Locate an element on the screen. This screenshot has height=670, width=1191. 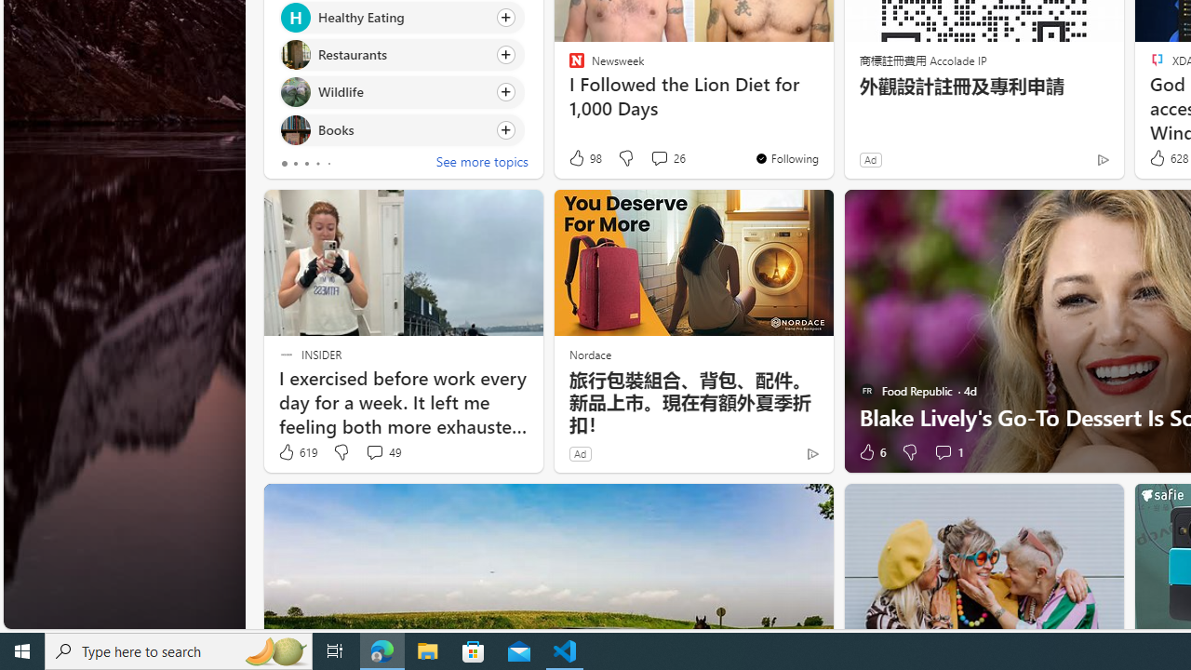
'tab-3' is located at coordinates (317, 163).